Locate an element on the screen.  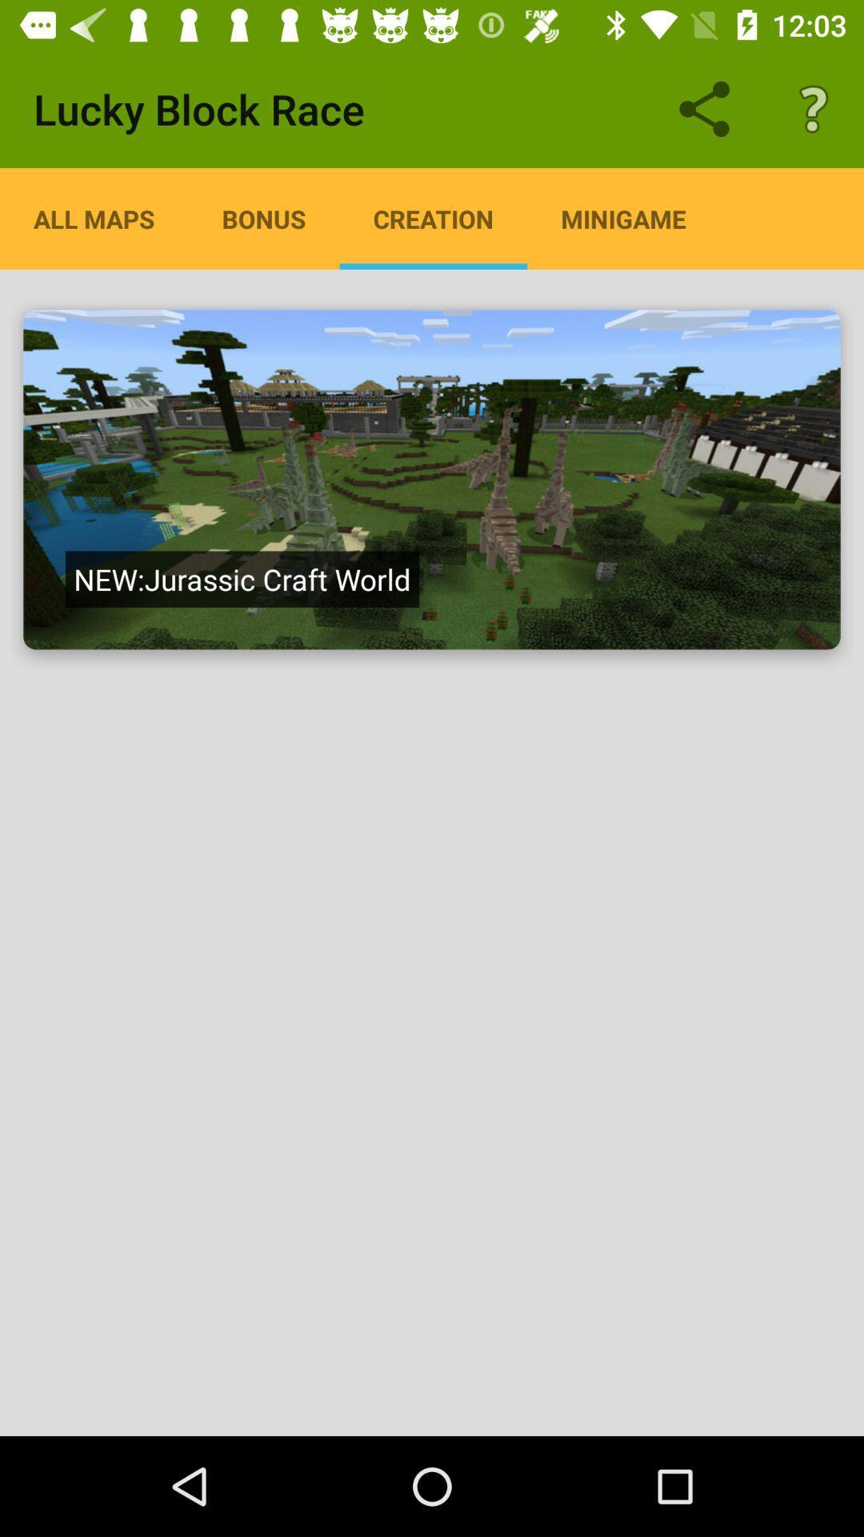
the app to the left of the bonus app is located at coordinates (94, 218).